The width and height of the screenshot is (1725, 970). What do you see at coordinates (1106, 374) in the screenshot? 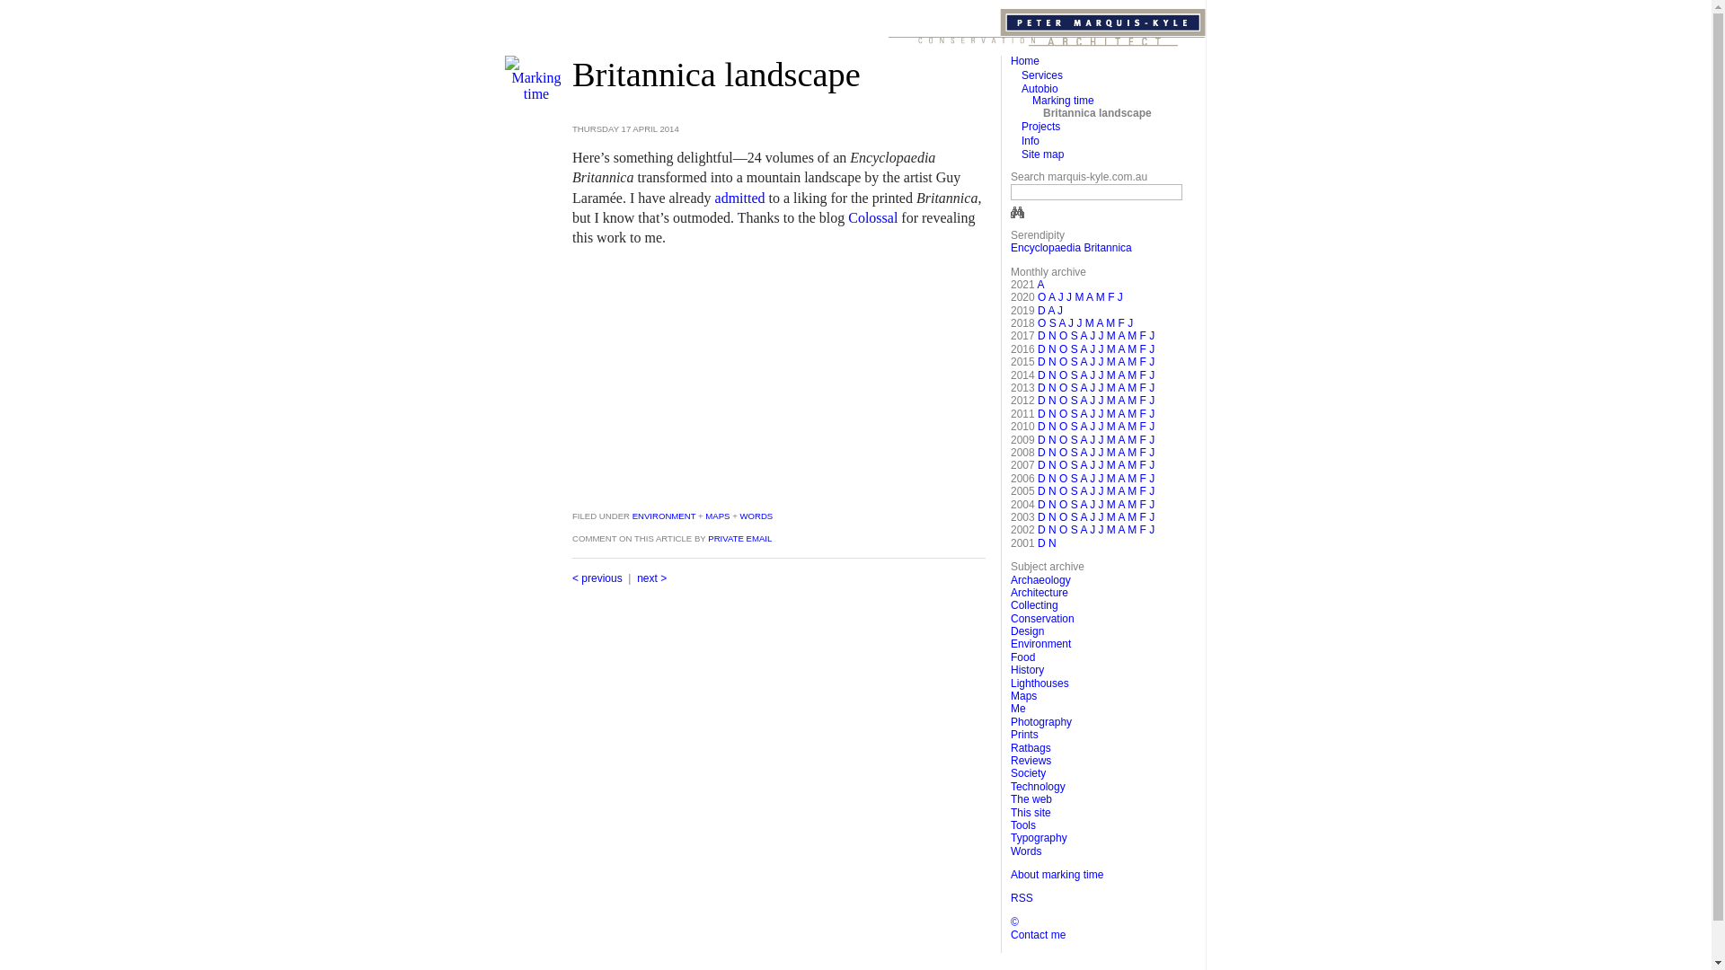
I see `'M'` at bounding box center [1106, 374].